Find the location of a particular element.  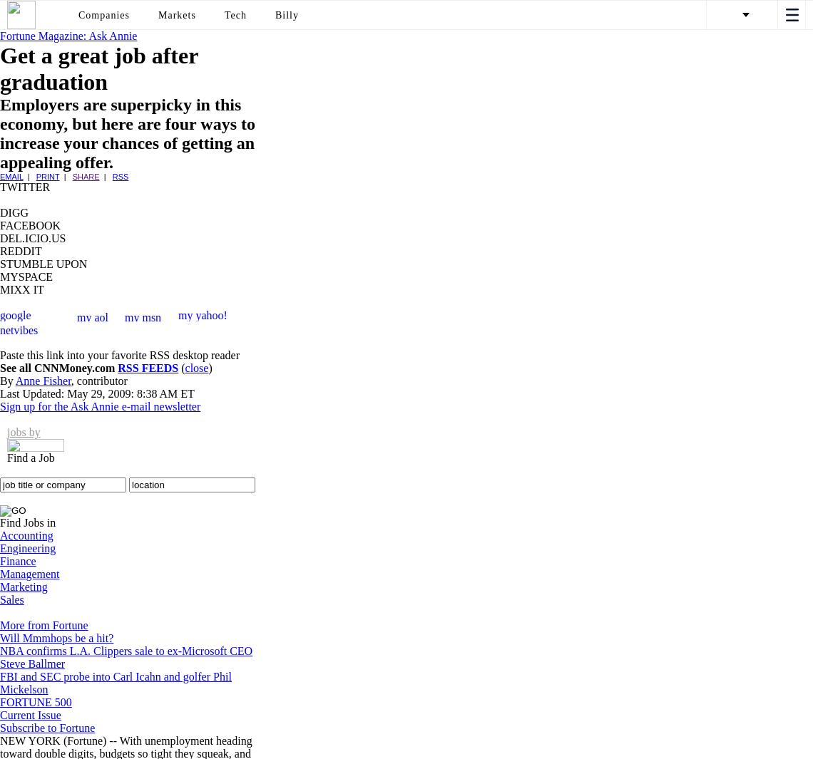

'REDDIT' is located at coordinates (0, 250).